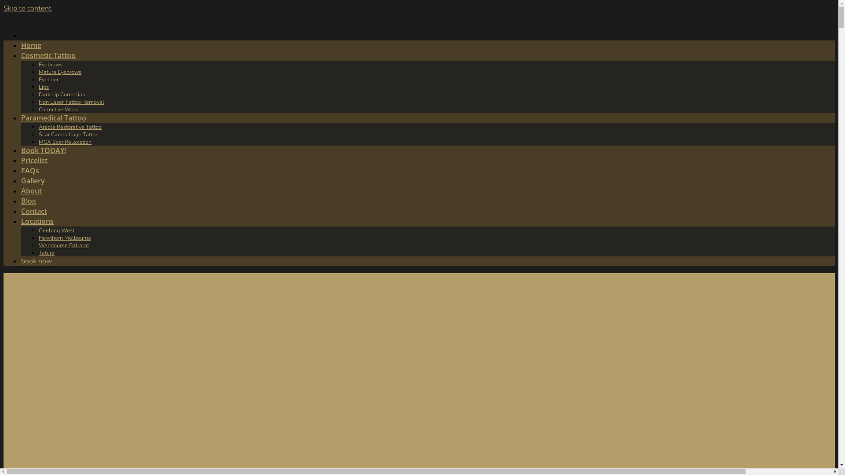  I want to click on 'Cosmetic Tattoo', so click(48, 55).